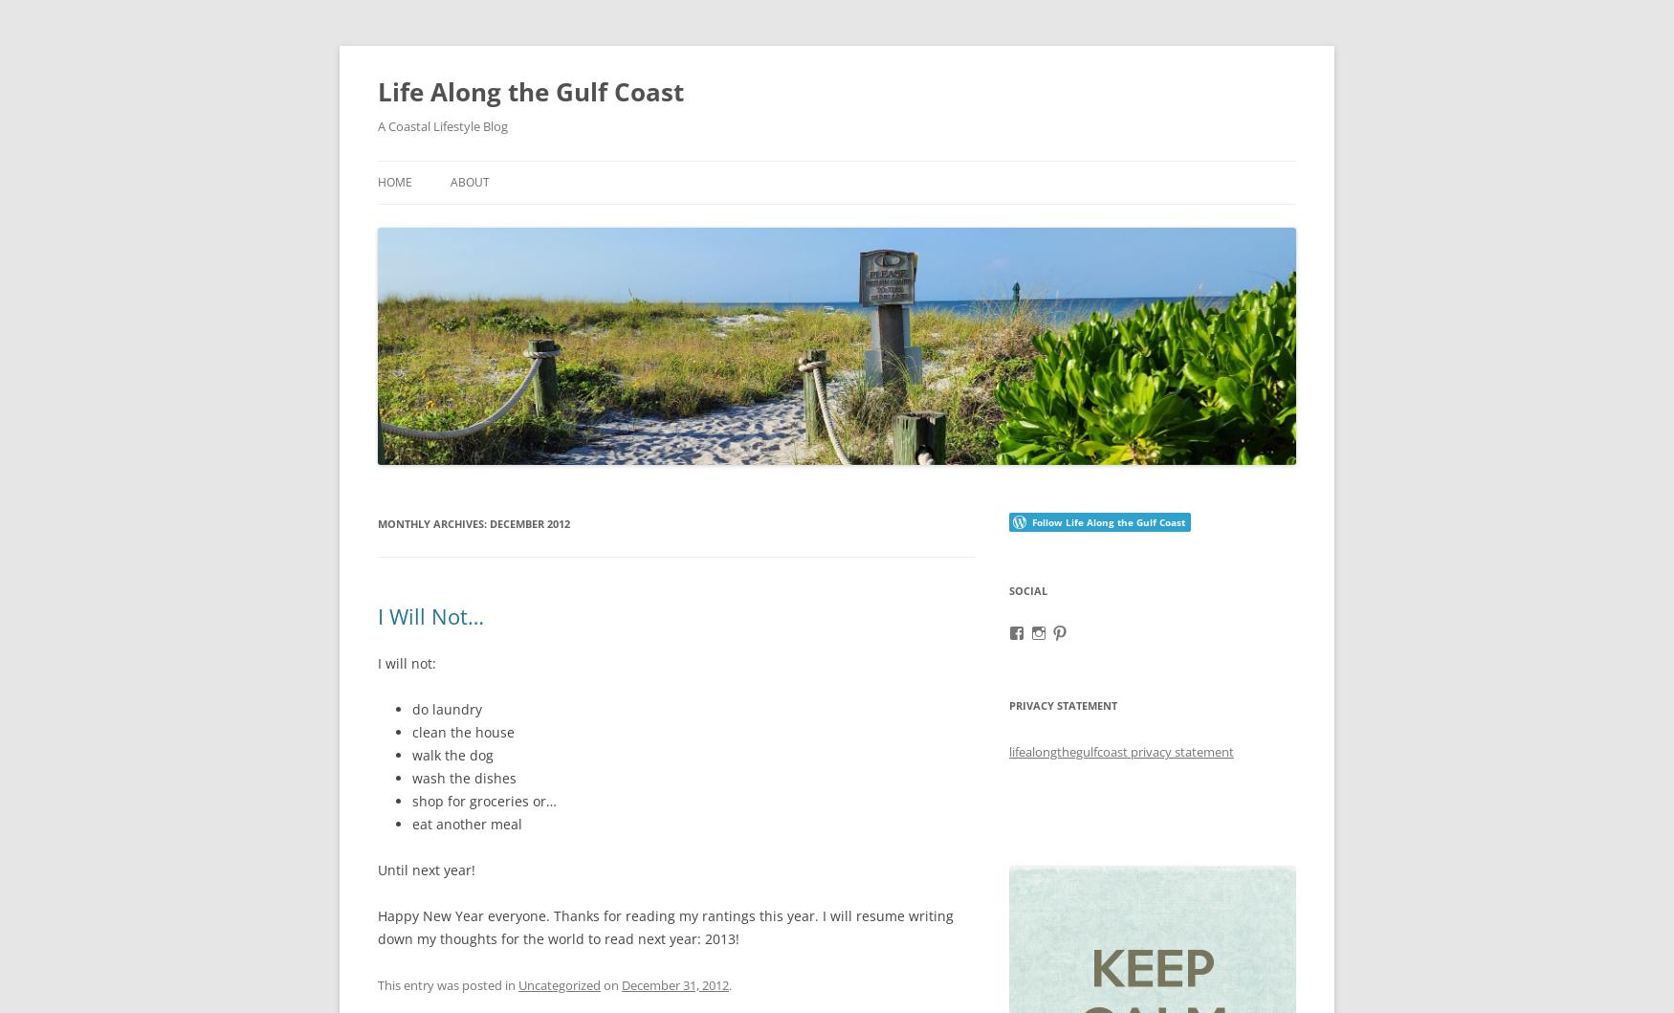 The height and width of the screenshot is (1013, 1674). What do you see at coordinates (729, 983) in the screenshot?
I see `'.'` at bounding box center [729, 983].